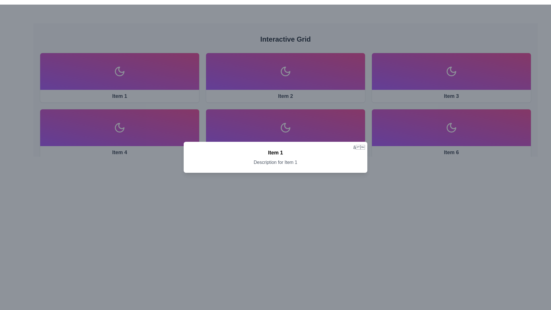 The image size is (551, 310). What do you see at coordinates (285, 127) in the screenshot?
I see `the crescent moon icon, which is white and centrally located in the fourth card of a grid layout with a gradient purple background` at bounding box center [285, 127].